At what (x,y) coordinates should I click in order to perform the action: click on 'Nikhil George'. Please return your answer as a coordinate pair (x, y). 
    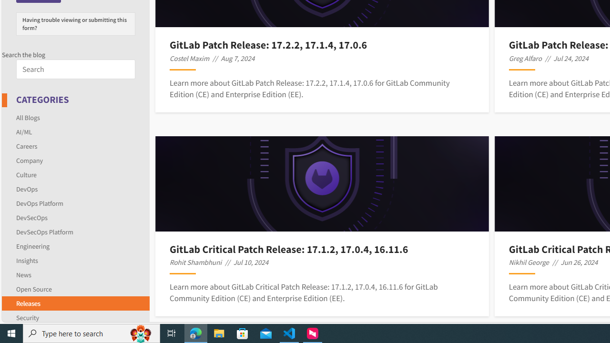
    Looking at the image, I should click on (528, 262).